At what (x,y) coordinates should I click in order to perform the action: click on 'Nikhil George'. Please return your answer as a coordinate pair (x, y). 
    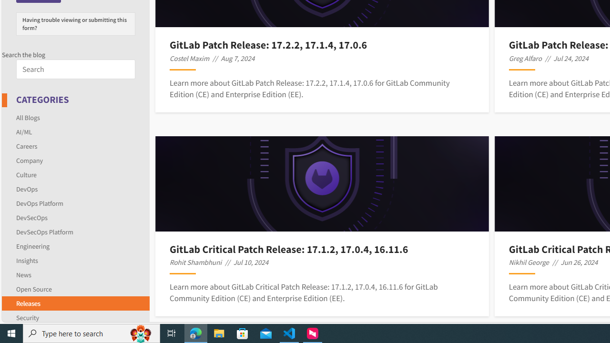
    Looking at the image, I should click on (528, 262).